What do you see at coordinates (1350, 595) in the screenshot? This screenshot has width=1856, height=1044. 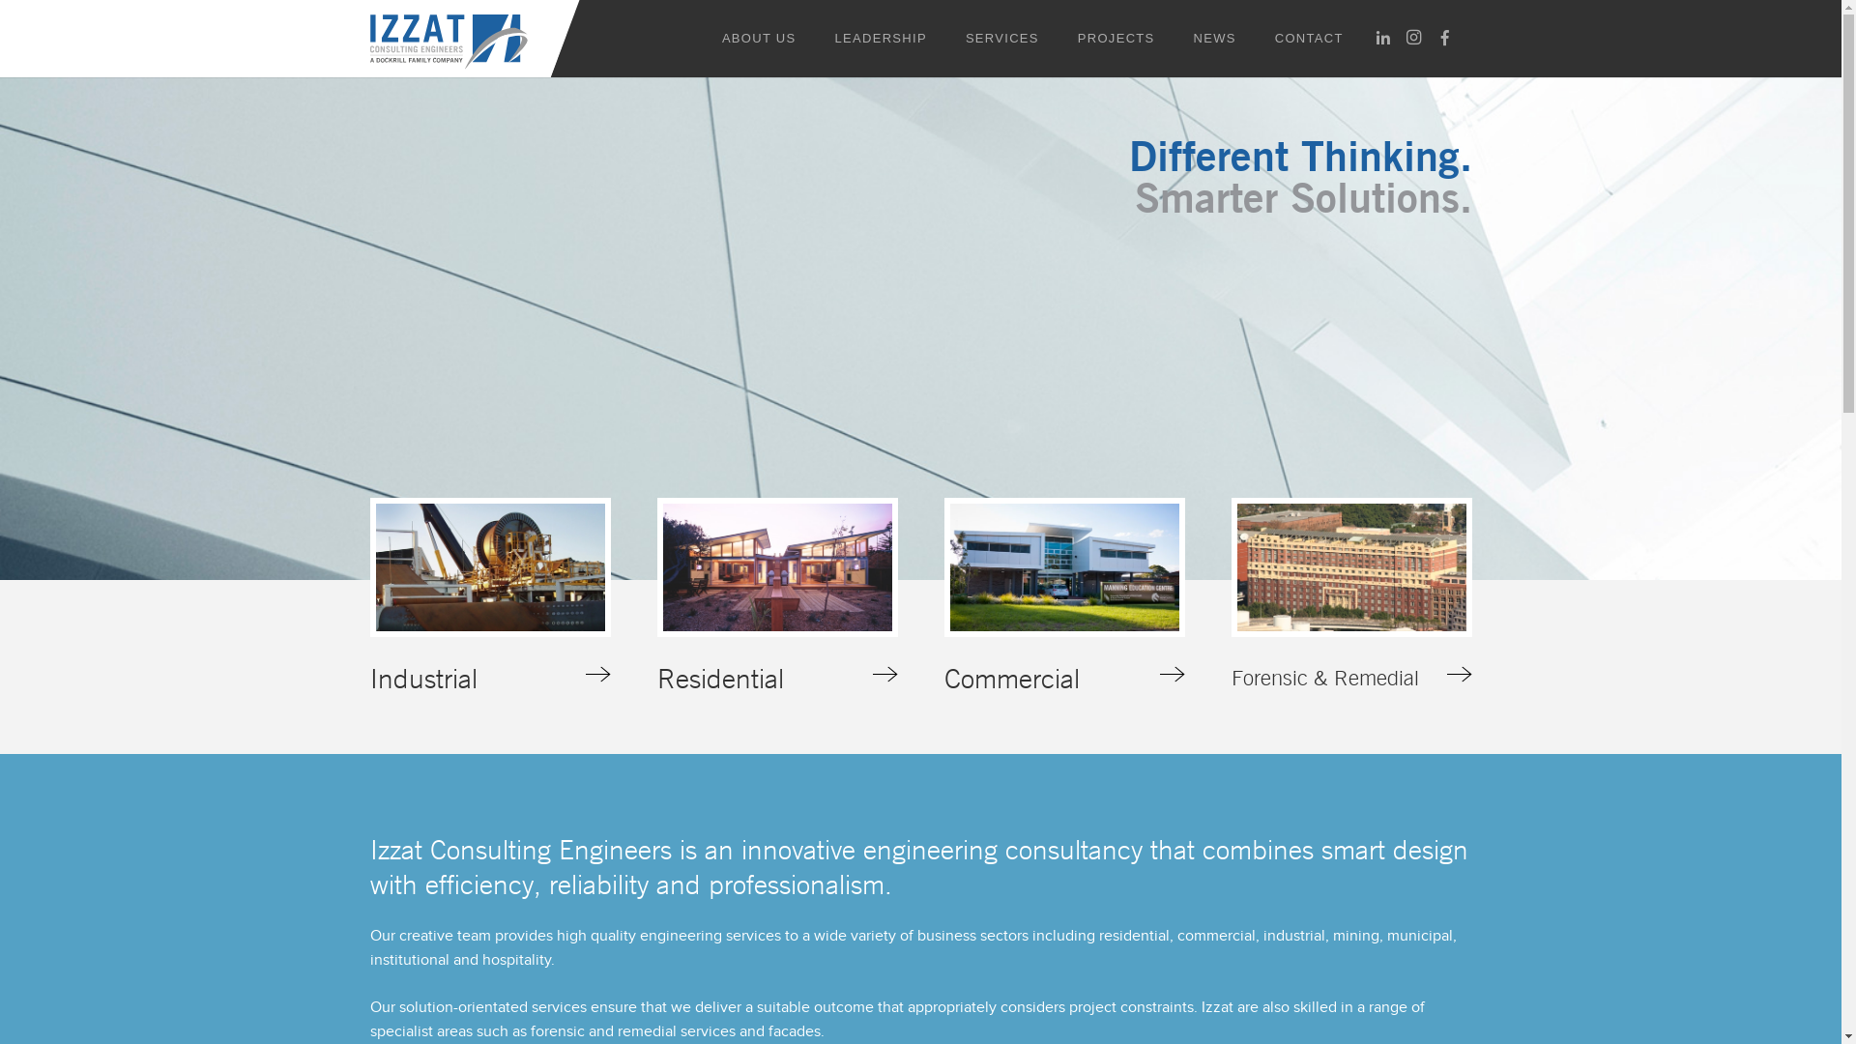 I see `'Forensic & Remedial'` at bounding box center [1350, 595].